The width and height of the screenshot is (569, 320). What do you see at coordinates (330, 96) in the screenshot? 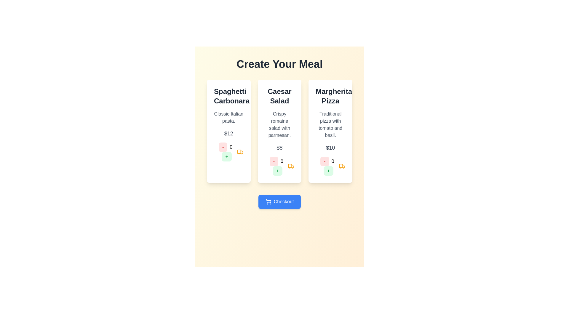
I see `the 'Margherita Pizza' text label, which is centrally positioned at the top of the rightmost card in the row of three cards under the 'Create Your Meal' heading` at bounding box center [330, 96].